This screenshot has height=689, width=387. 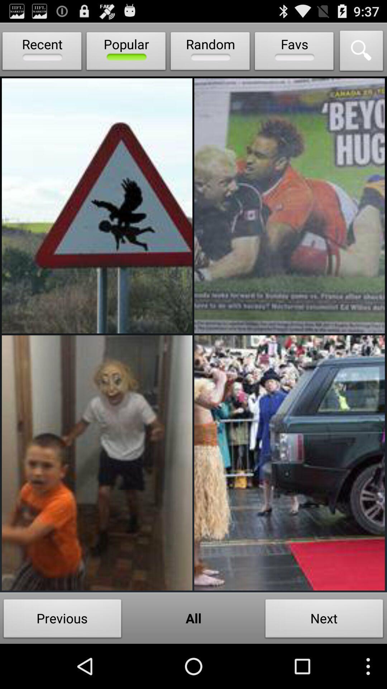 What do you see at coordinates (126, 52) in the screenshot?
I see `popular` at bounding box center [126, 52].